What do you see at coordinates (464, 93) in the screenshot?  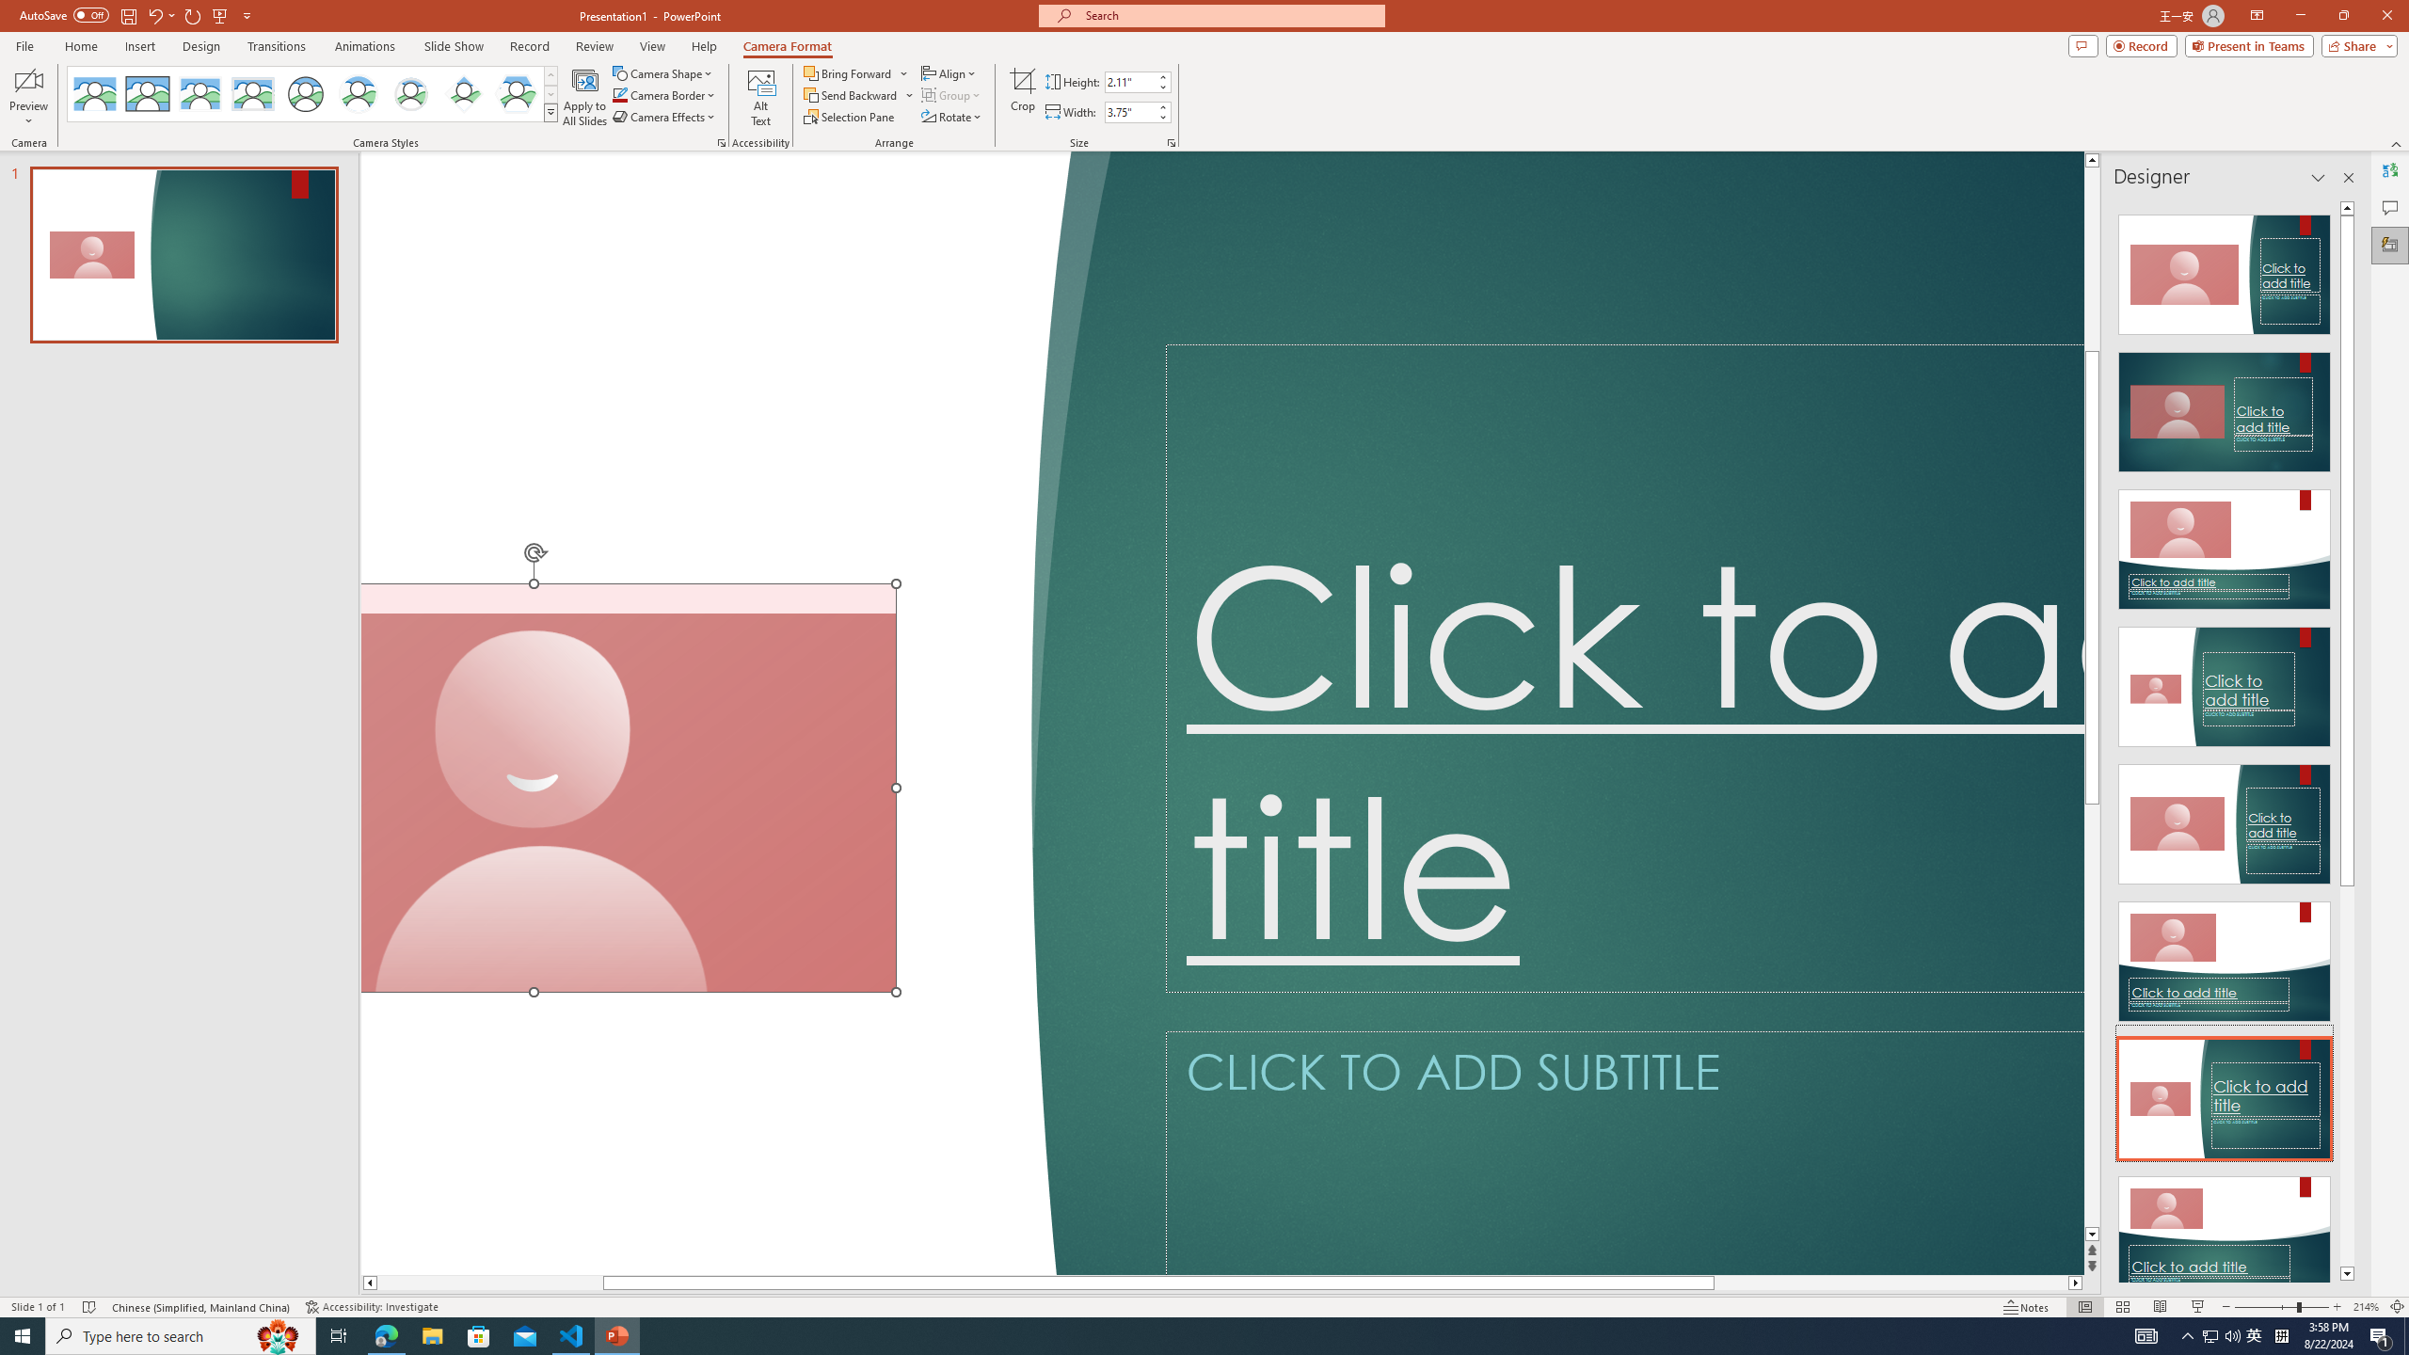 I see `'Center Shadow Diamond'` at bounding box center [464, 93].